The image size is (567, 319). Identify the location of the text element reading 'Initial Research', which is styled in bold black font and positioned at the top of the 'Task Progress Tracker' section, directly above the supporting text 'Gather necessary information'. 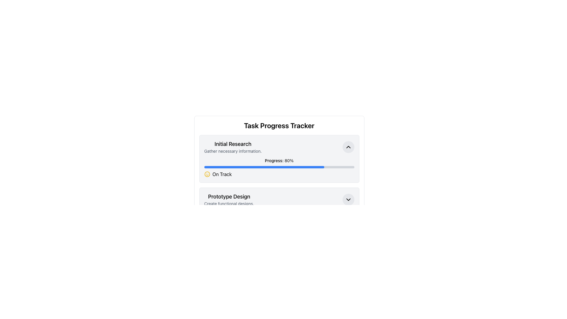
(232, 144).